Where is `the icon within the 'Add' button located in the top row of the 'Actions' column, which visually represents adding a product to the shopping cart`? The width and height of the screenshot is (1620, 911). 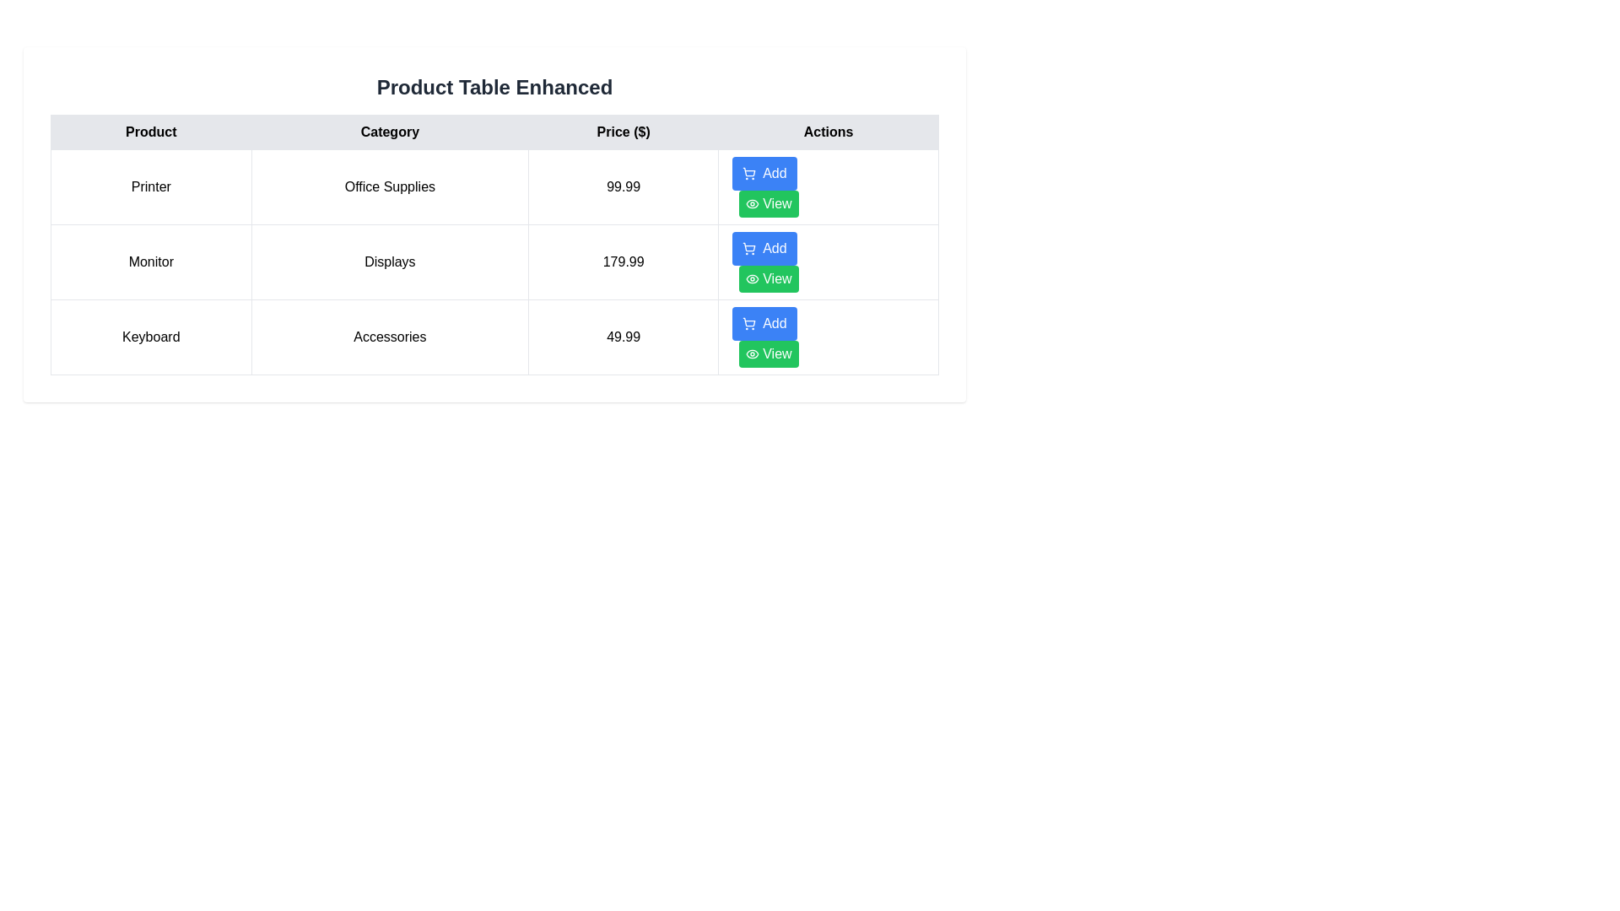 the icon within the 'Add' button located in the top row of the 'Actions' column, which visually represents adding a product to the shopping cart is located at coordinates (748, 173).